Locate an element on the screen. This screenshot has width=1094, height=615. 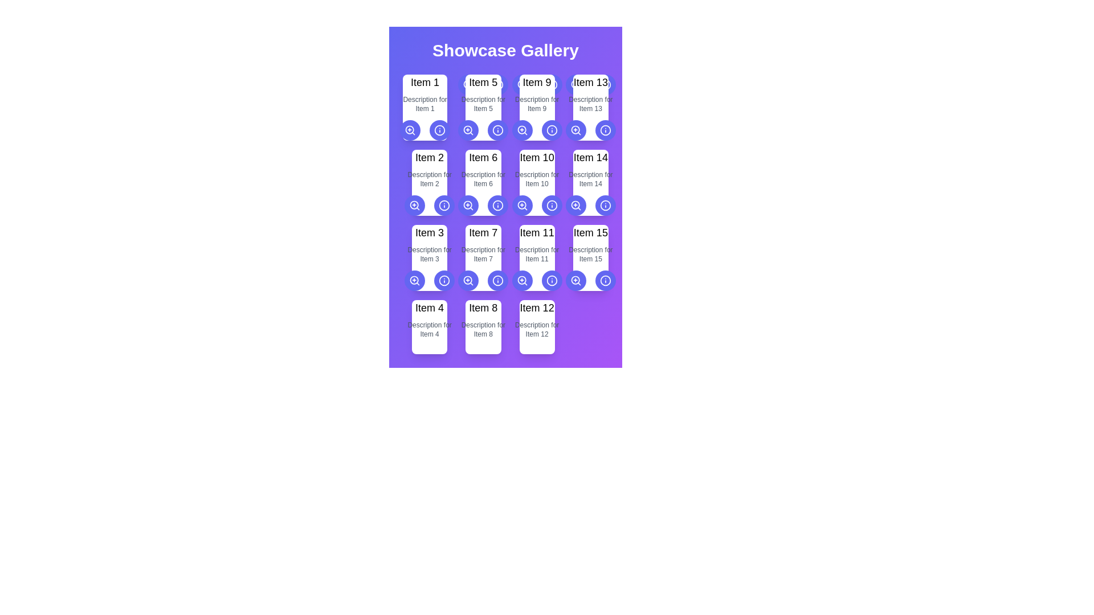
the zoom-in icon button located in the bottom-left corner of the third card from the top in the leftmost column is located at coordinates (414, 281).